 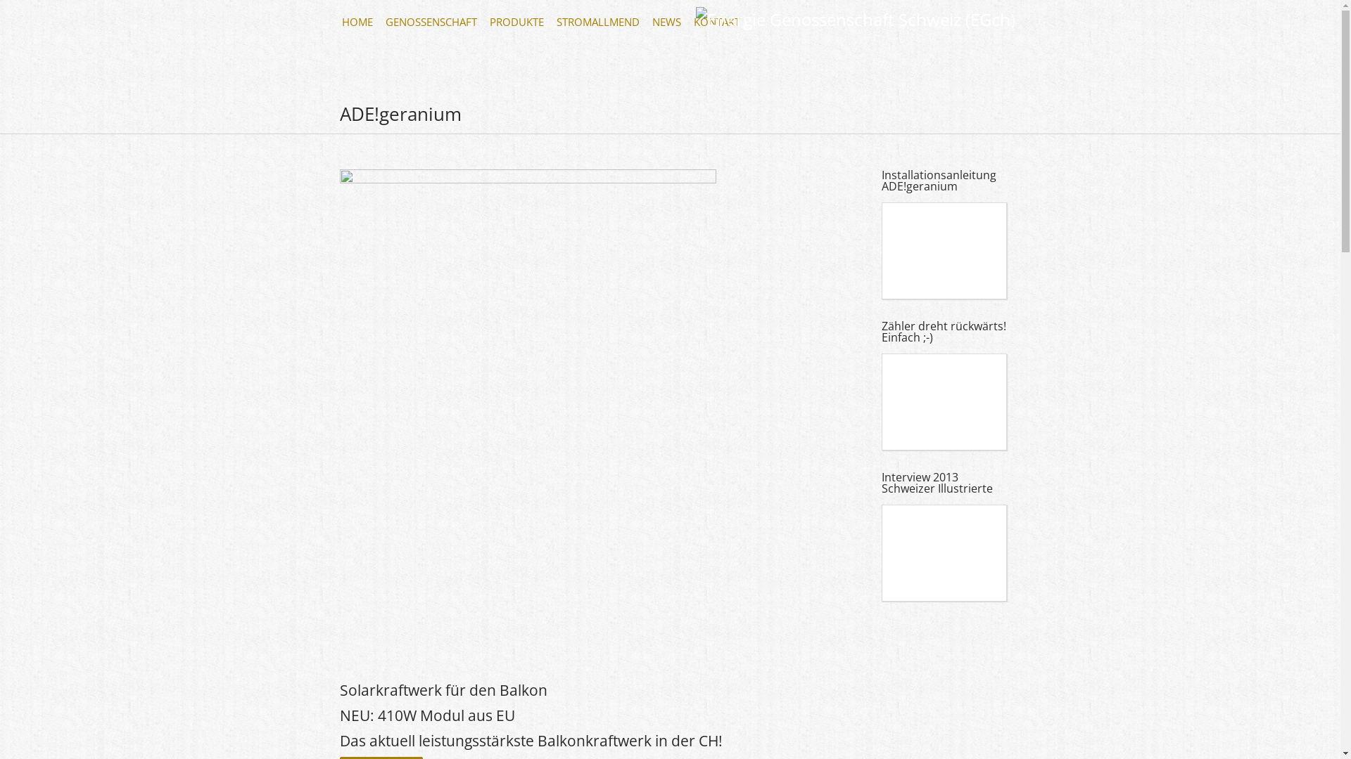 I want to click on 'HOME ', so click(x=357, y=18).